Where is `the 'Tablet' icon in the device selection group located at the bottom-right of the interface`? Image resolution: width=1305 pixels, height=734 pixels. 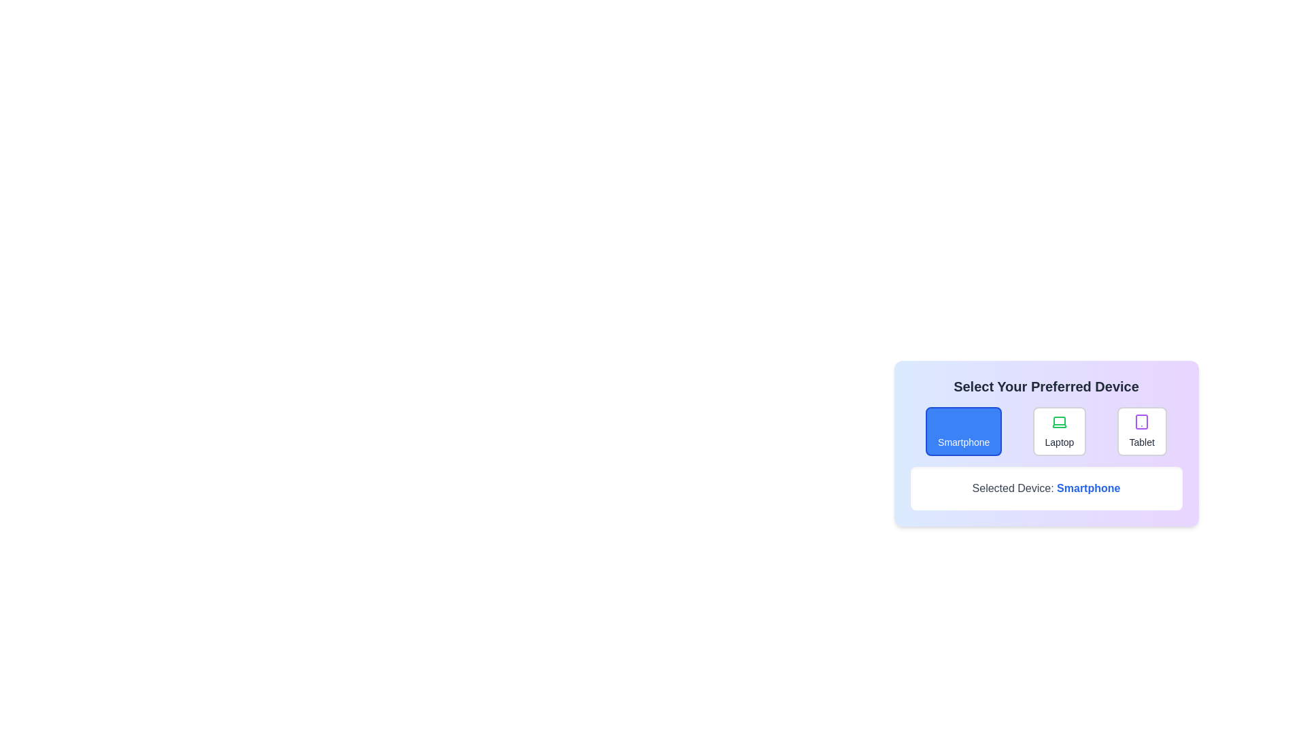 the 'Tablet' icon in the device selection group located at the bottom-right of the interface is located at coordinates (1142, 421).